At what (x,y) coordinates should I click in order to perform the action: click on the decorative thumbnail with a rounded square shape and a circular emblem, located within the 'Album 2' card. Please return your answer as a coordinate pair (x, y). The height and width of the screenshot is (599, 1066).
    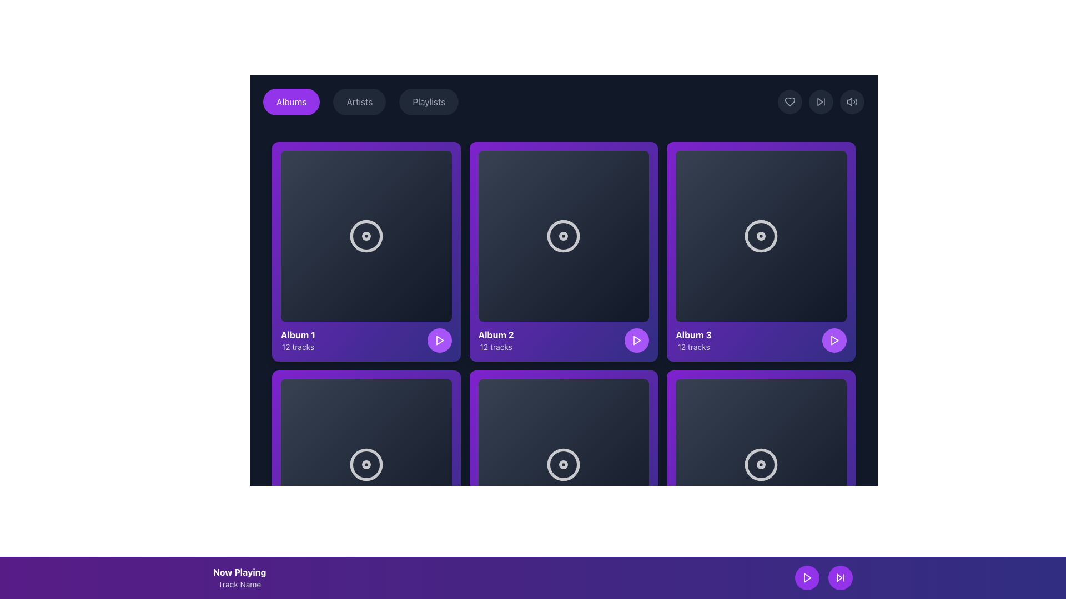
    Looking at the image, I should click on (564, 235).